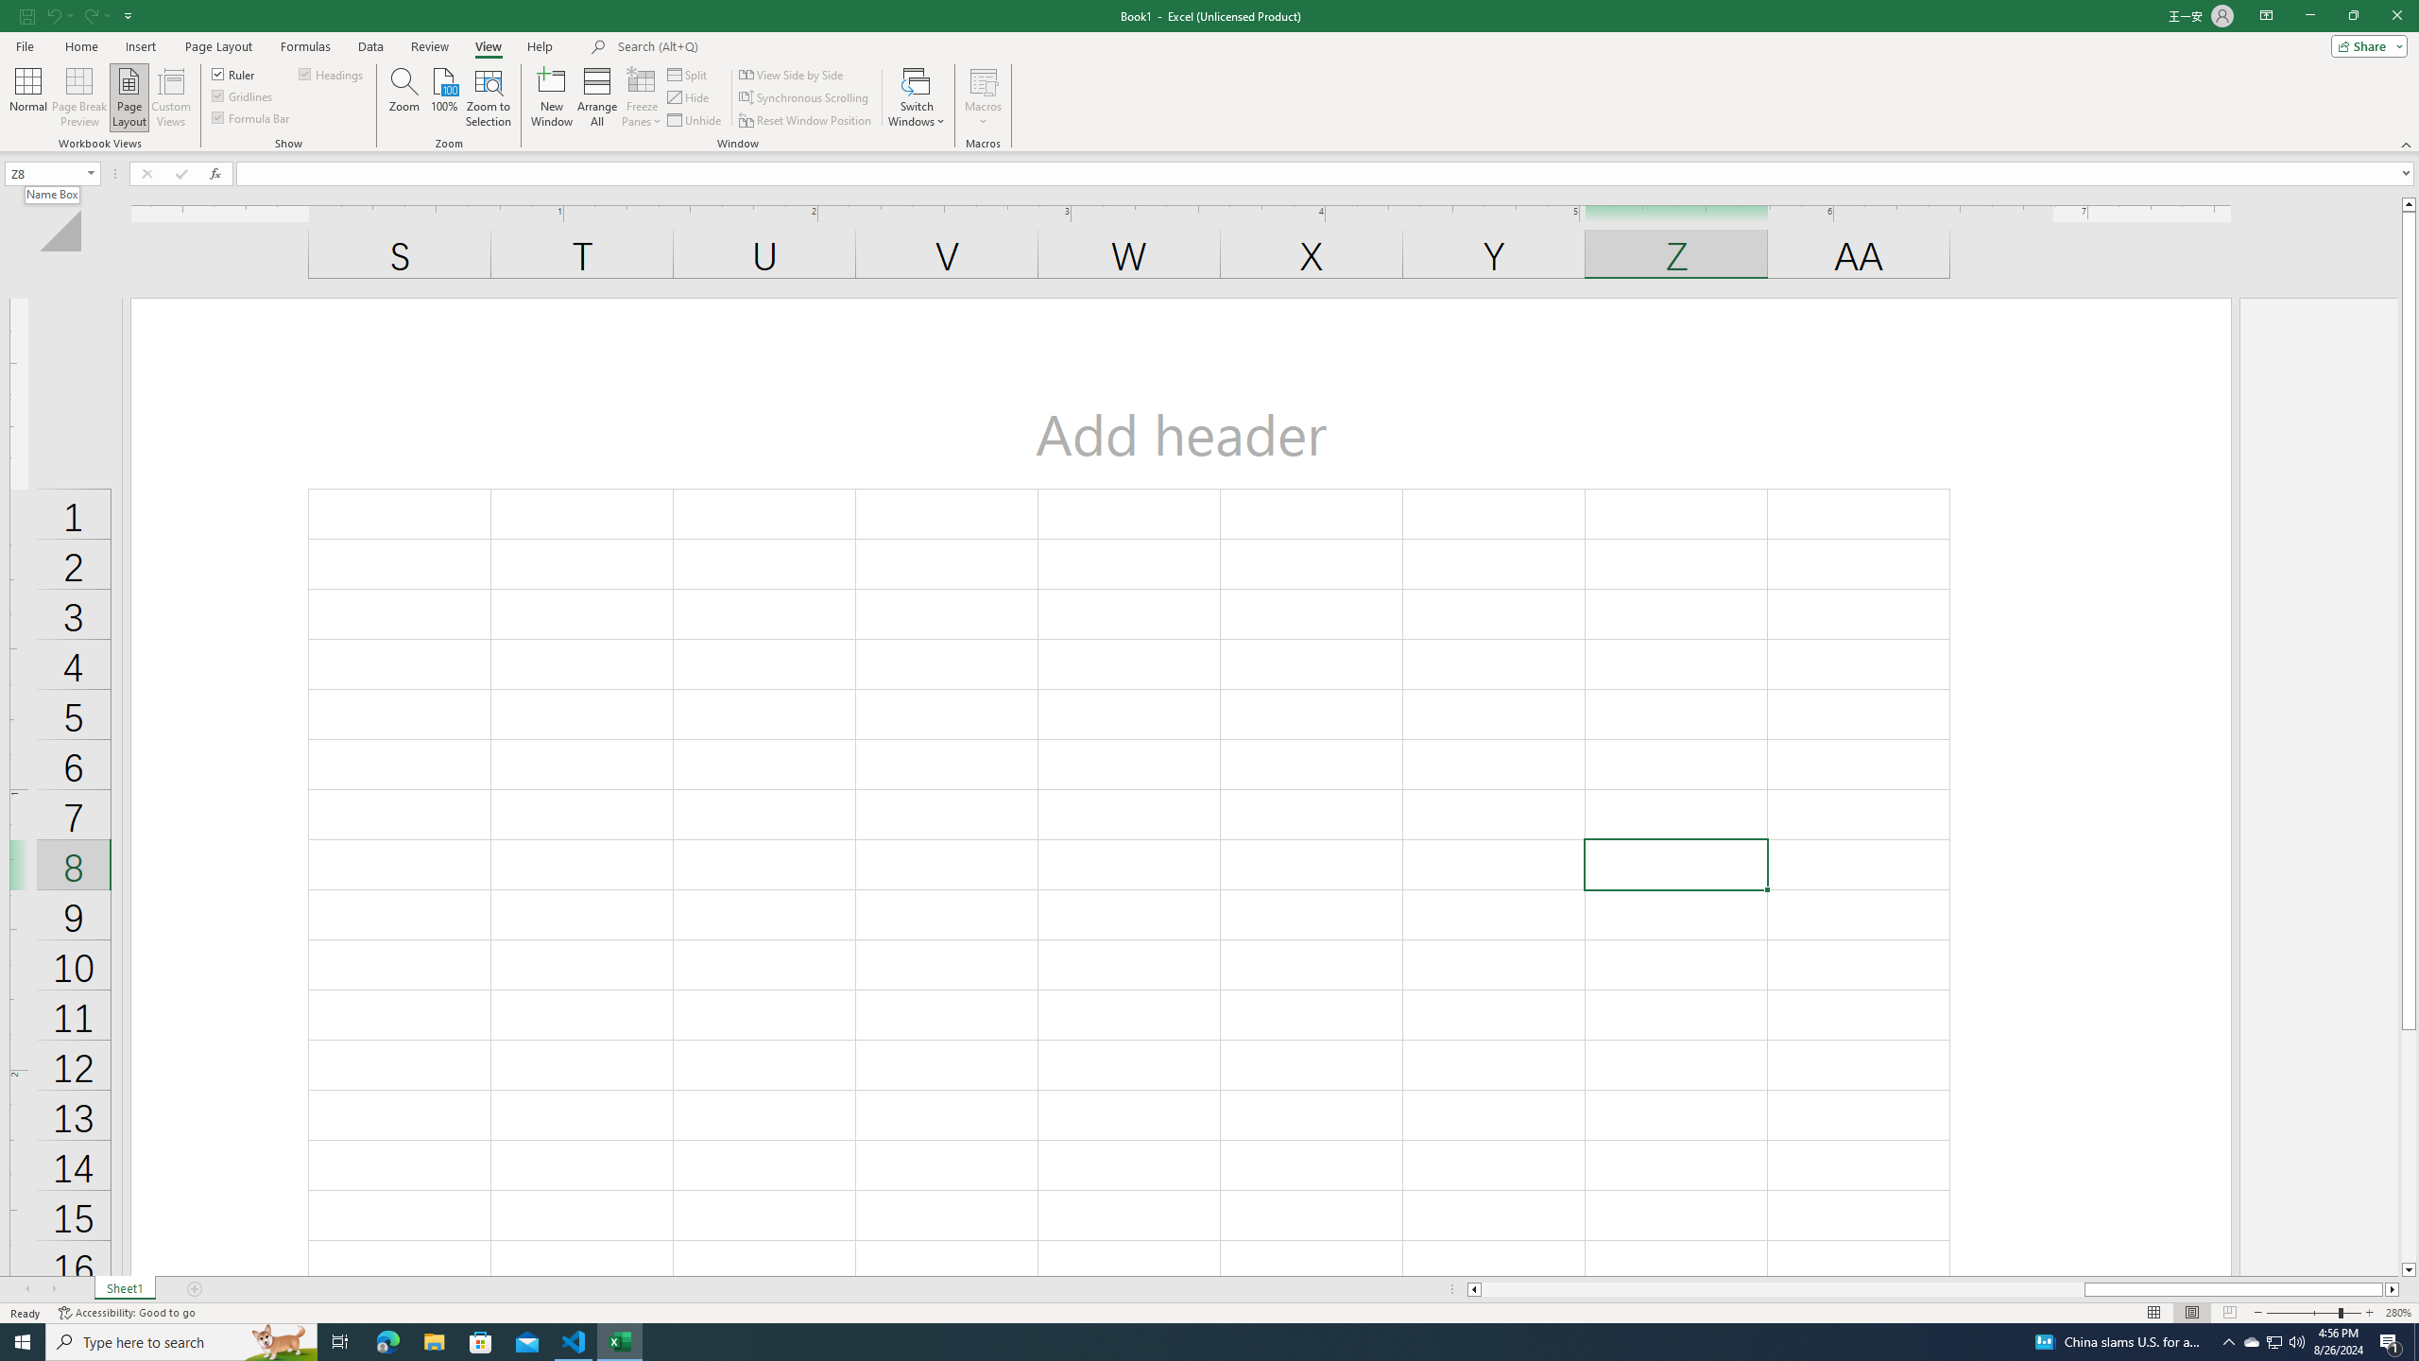 Image resolution: width=2419 pixels, height=1361 pixels. Describe the element at coordinates (696, 120) in the screenshot. I see `'Unhide...'` at that location.